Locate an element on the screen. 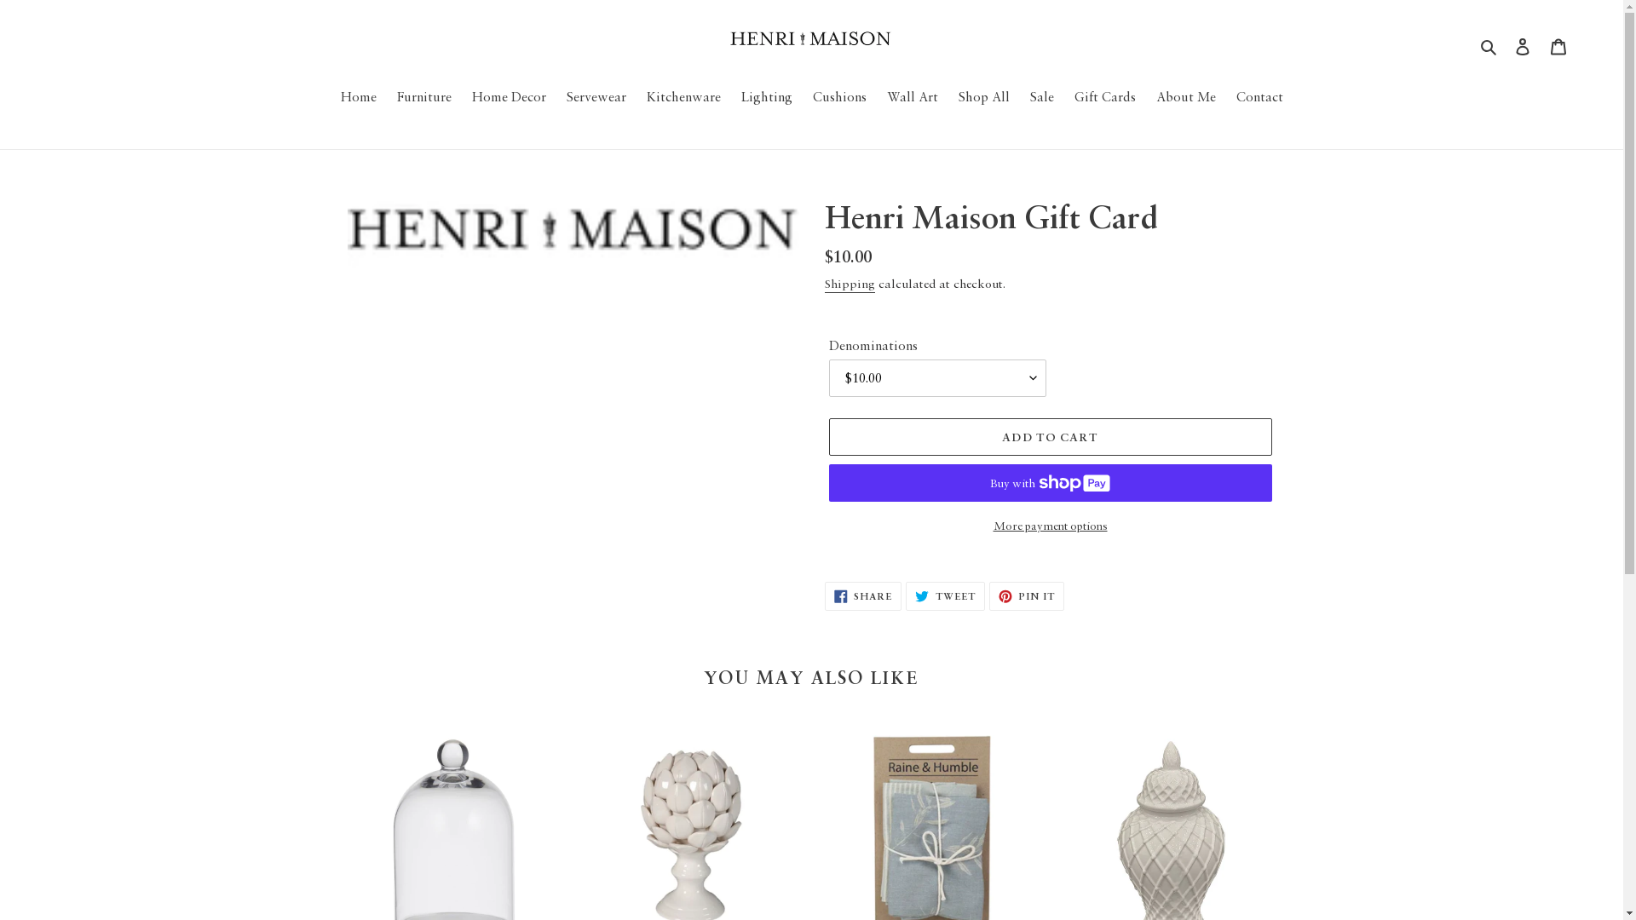 This screenshot has height=920, width=1636. 'Cushions' is located at coordinates (839, 97).